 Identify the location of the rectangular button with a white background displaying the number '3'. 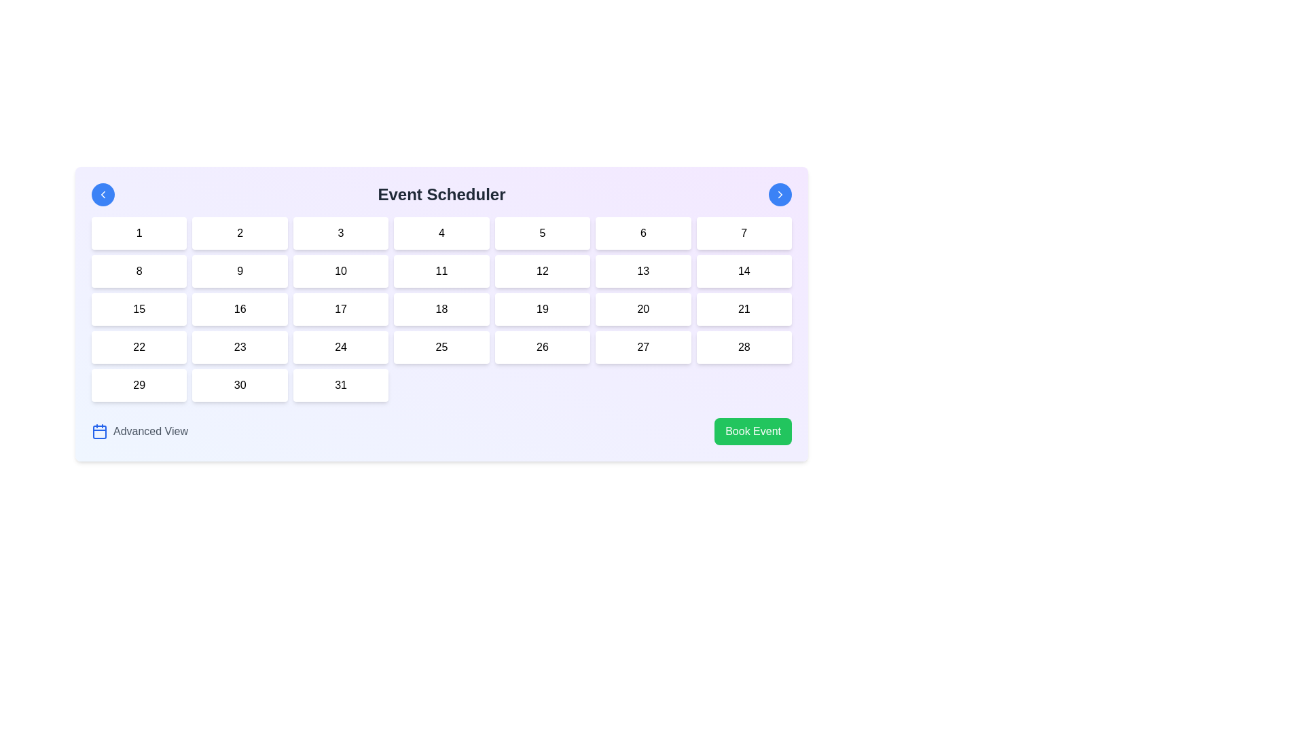
(341, 232).